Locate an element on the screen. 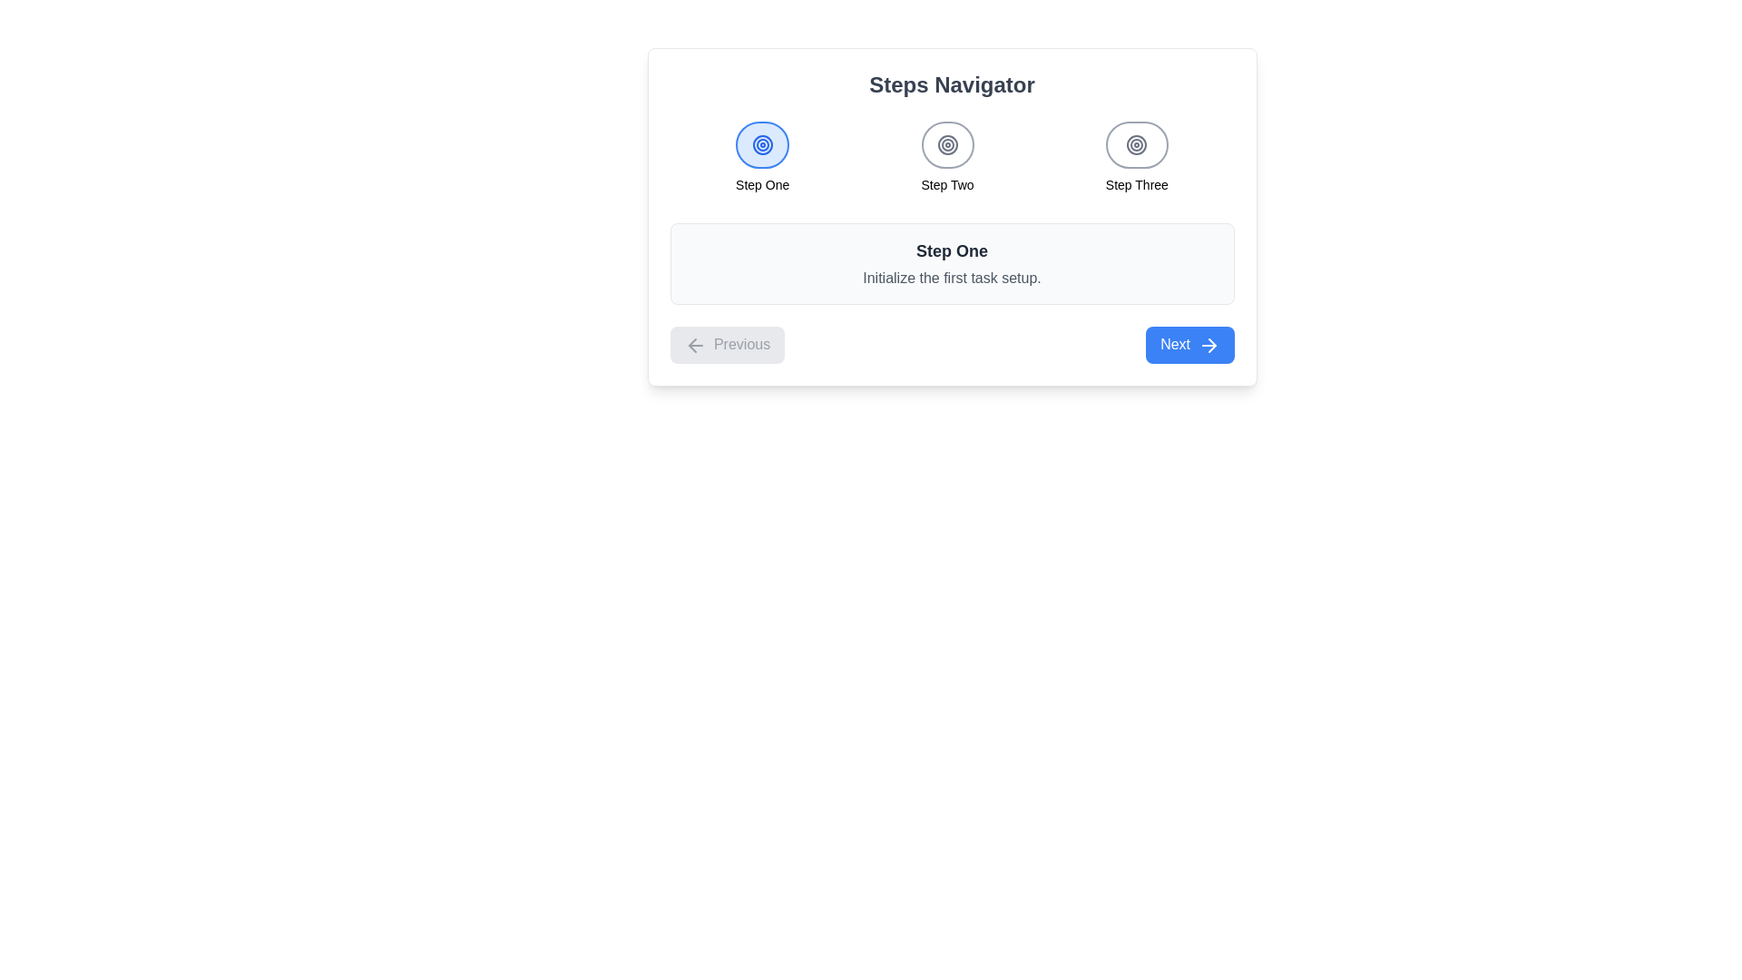  the blue 'Next' button with white text and a right arrow icon to proceed to the next step is located at coordinates (1189, 345).